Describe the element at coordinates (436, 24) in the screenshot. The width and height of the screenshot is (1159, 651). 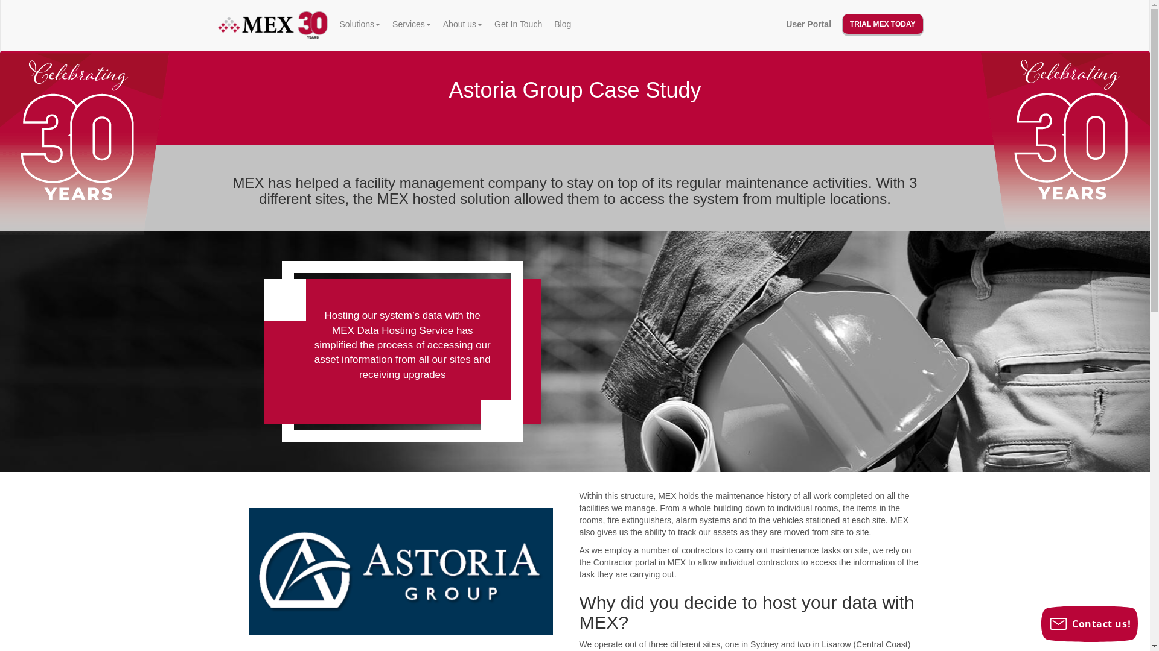
I see `'About us'` at that location.